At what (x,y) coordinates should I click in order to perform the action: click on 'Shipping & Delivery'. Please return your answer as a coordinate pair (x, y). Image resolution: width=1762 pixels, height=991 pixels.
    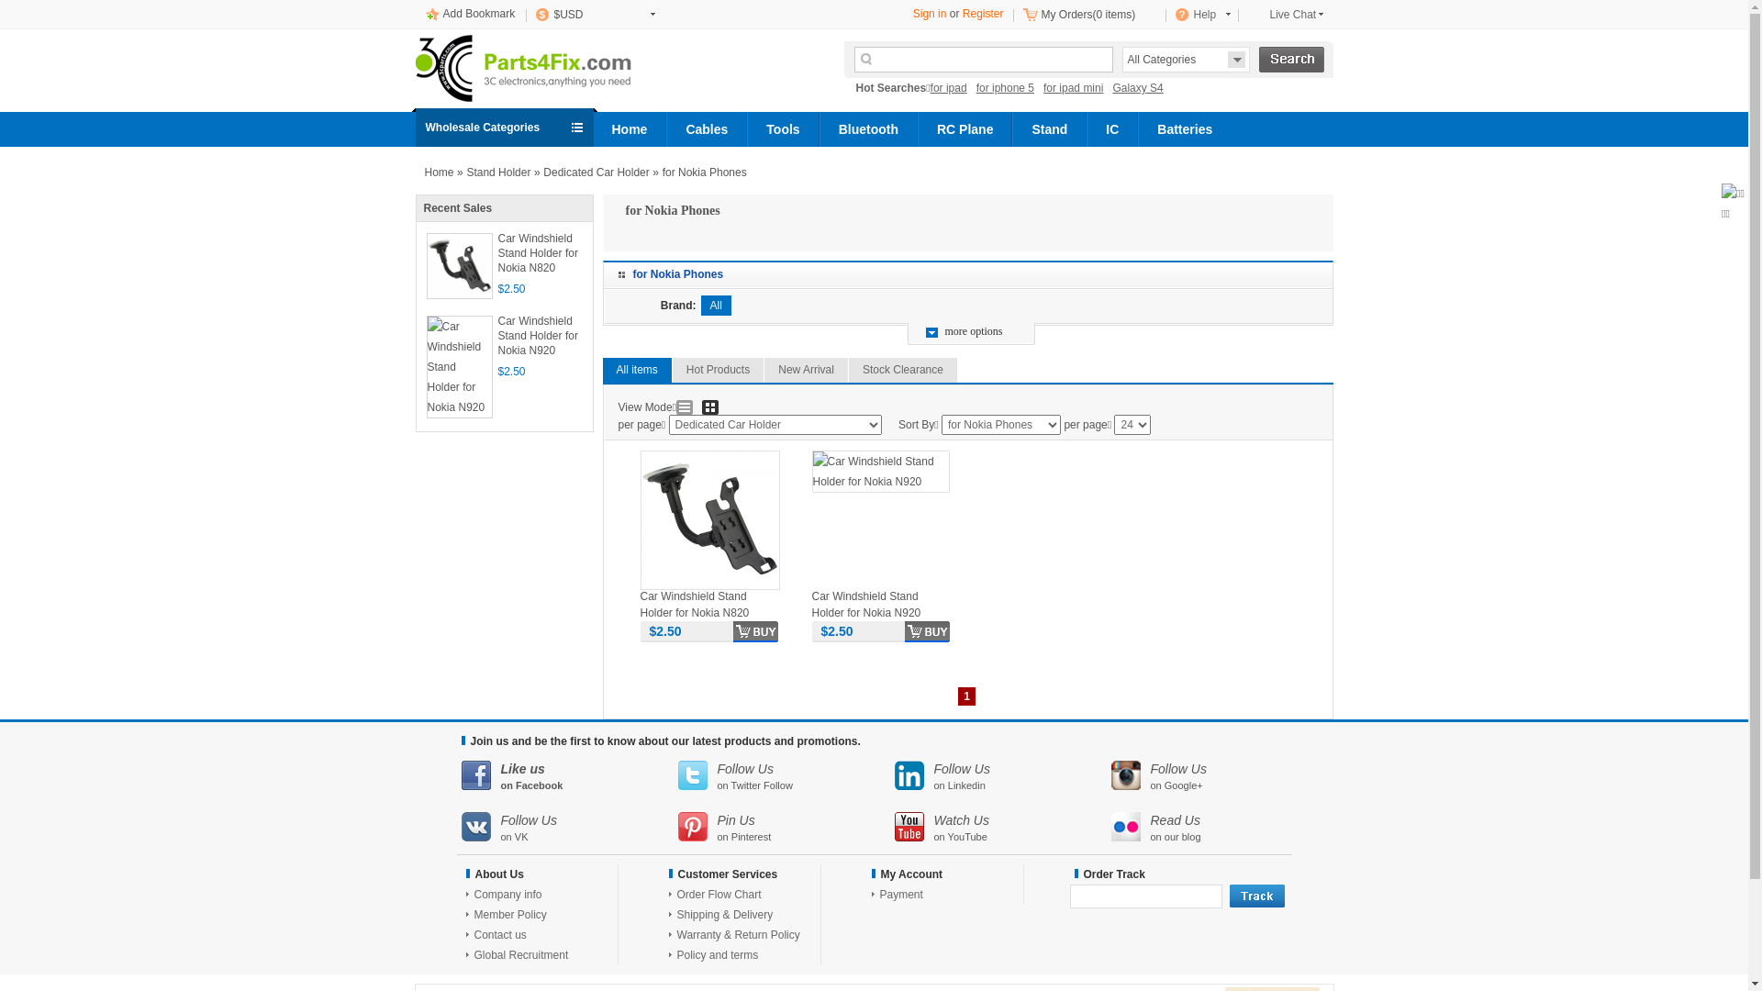
    Looking at the image, I should click on (724, 914).